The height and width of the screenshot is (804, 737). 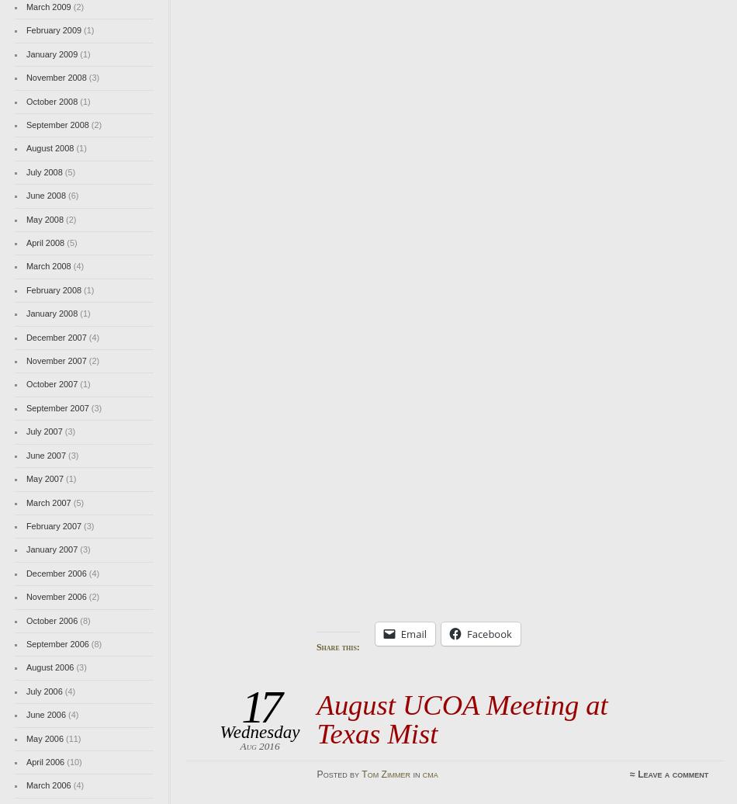 What do you see at coordinates (53, 525) in the screenshot?
I see `'February 2007'` at bounding box center [53, 525].